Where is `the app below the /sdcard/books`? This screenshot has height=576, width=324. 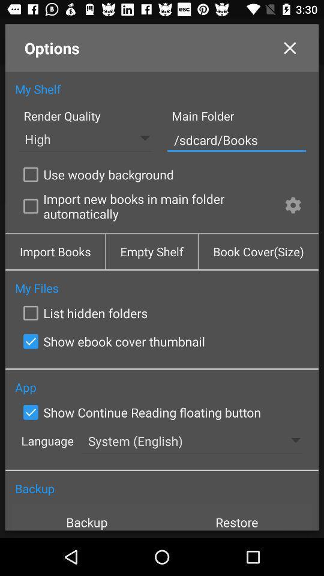
the app below the /sdcard/books is located at coordinates (292, 207).